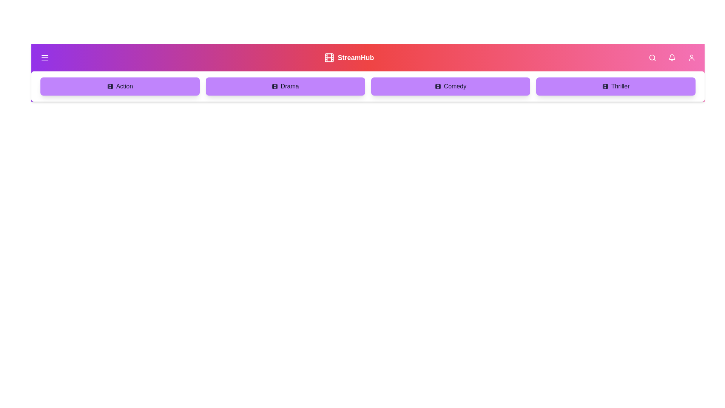  Describe the element at coordinates (616, 86) in the screenshot. I see `the genre Thriller in the menu` at that location.